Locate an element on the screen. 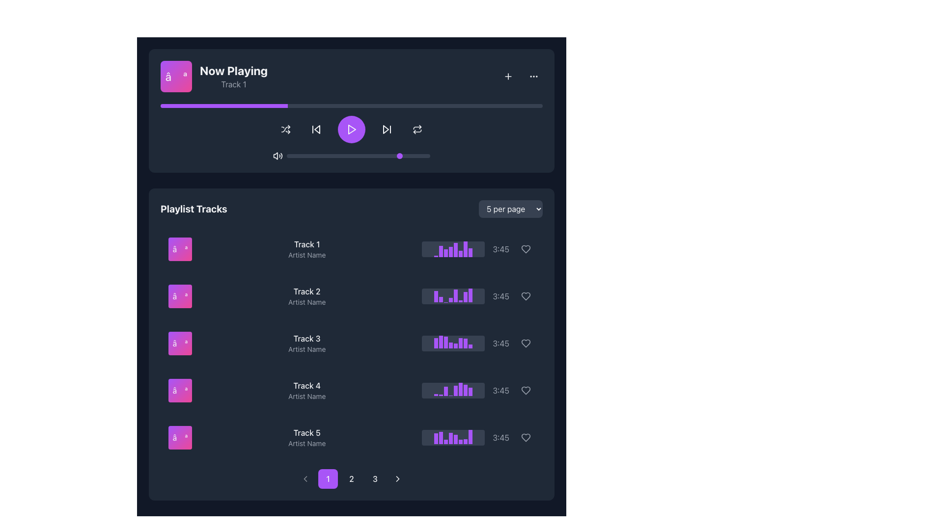  the favorite button located in the rightmost position of the row corresponding to the fifth item in the playlist track list to mark the track as favorite is located at coordinates (525, 437).